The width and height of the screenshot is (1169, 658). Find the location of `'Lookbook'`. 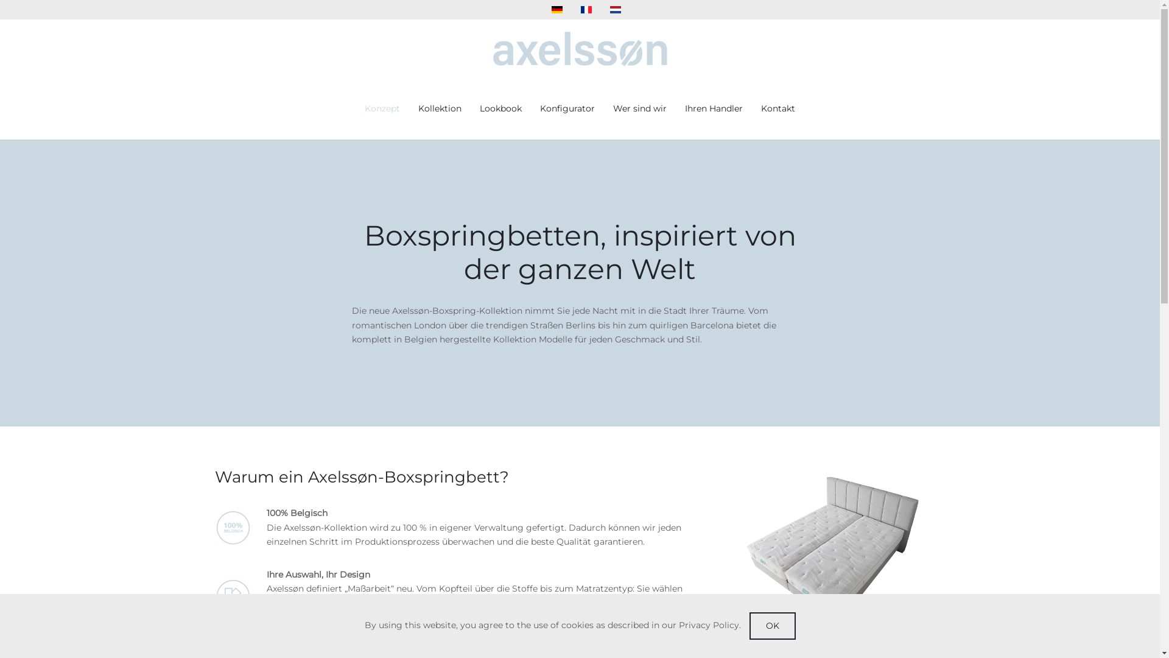

'Lookbook' is located at coordinates (500, 108).